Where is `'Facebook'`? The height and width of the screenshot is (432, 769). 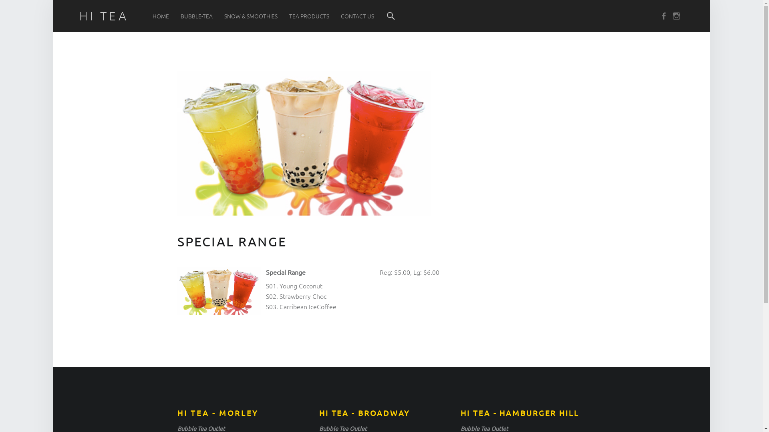 'Facebook' is located at coordinates (659, 16).